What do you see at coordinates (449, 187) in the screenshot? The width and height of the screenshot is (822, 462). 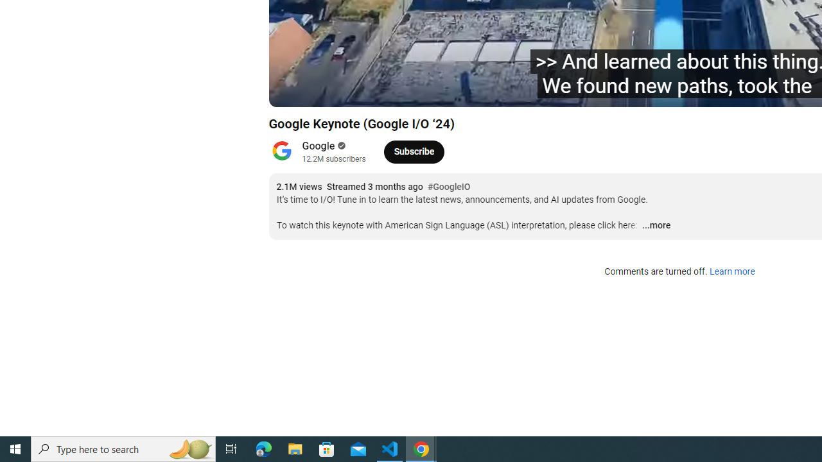 I see `'#GoogleIO'` at bounding box center [449, 187].